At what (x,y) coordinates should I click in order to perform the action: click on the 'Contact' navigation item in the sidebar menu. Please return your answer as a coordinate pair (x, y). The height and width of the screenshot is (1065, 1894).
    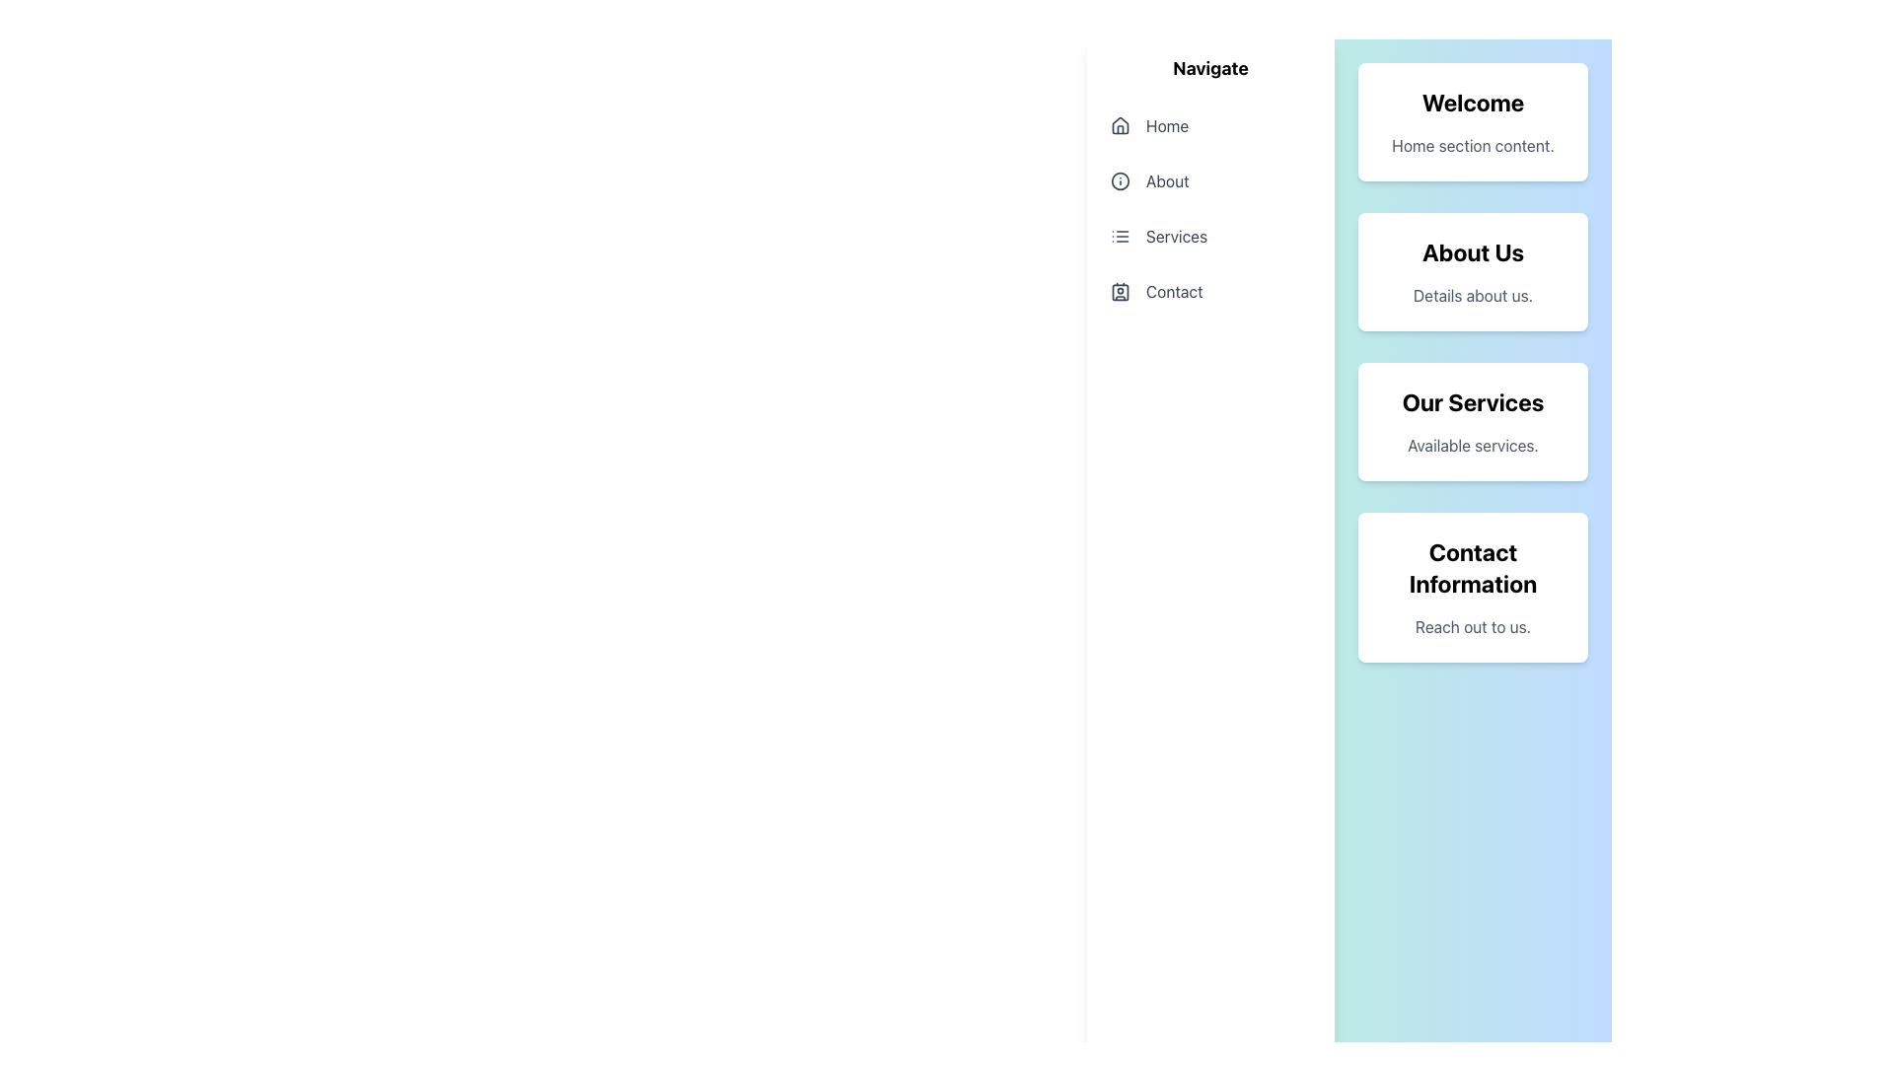
    Looking at the image, I should click on (1209, 292).